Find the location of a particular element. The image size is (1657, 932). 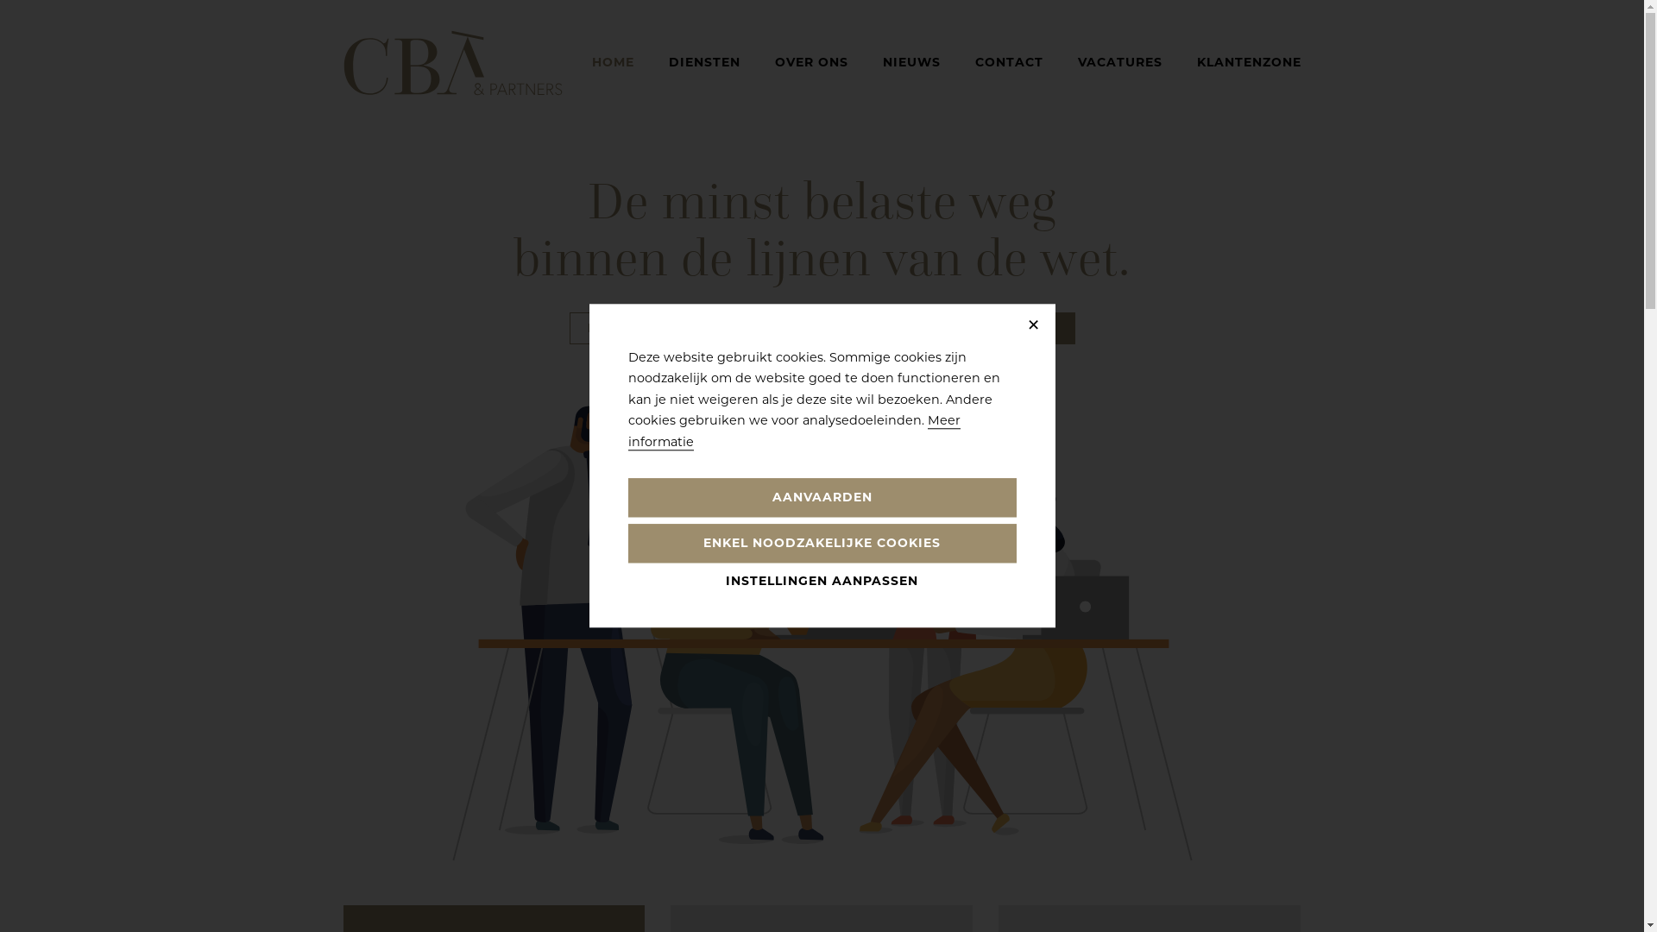

'ENKEL NOODZAKELIJKE COOKIES' is located at coordinates (822, 544).